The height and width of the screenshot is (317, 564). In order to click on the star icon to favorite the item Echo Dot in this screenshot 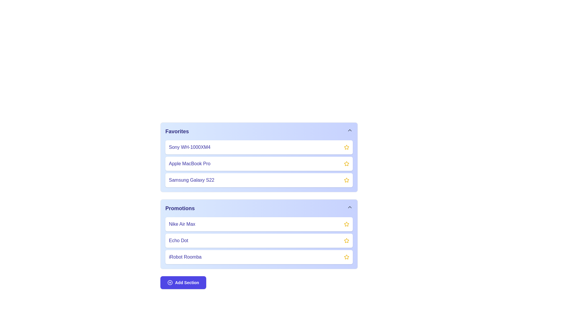, I will do `click(347, 241)`.